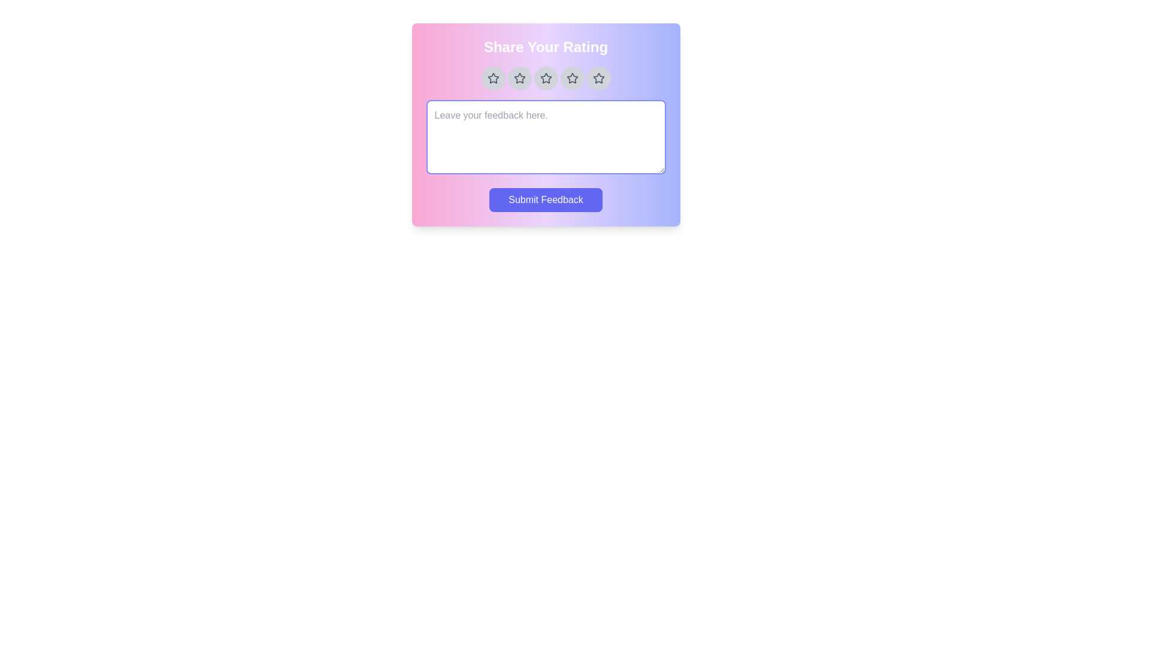 The width and height of the screenshot is (1150, 647). Describe the element at coordinates (545, 136) in the screenshot. I see `the text area to focus and enable text input` at that location.